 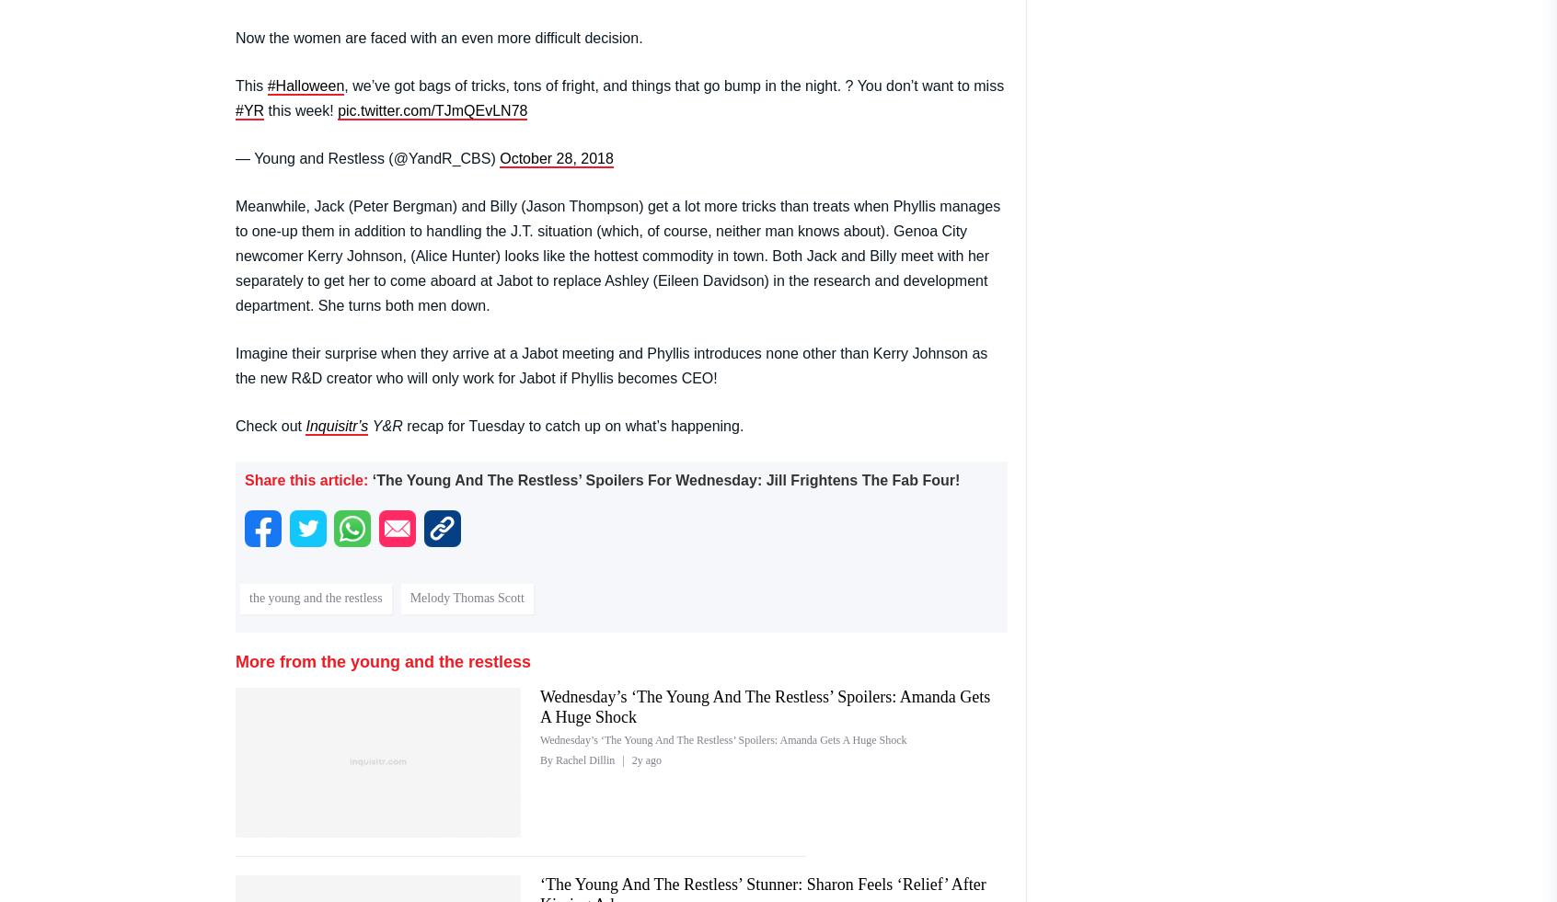 I want to click on 'More from the young and the restless', so click(x=383, y=660).